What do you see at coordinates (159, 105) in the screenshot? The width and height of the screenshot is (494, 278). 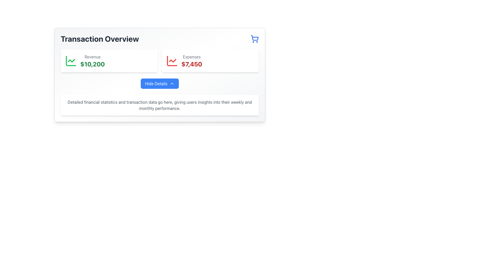 I see `the text block styled with gray color and center alignment, which contains detailed financial statistics and transaction data, located below the 'Hide Details' button` at bounding box center [159, 105].